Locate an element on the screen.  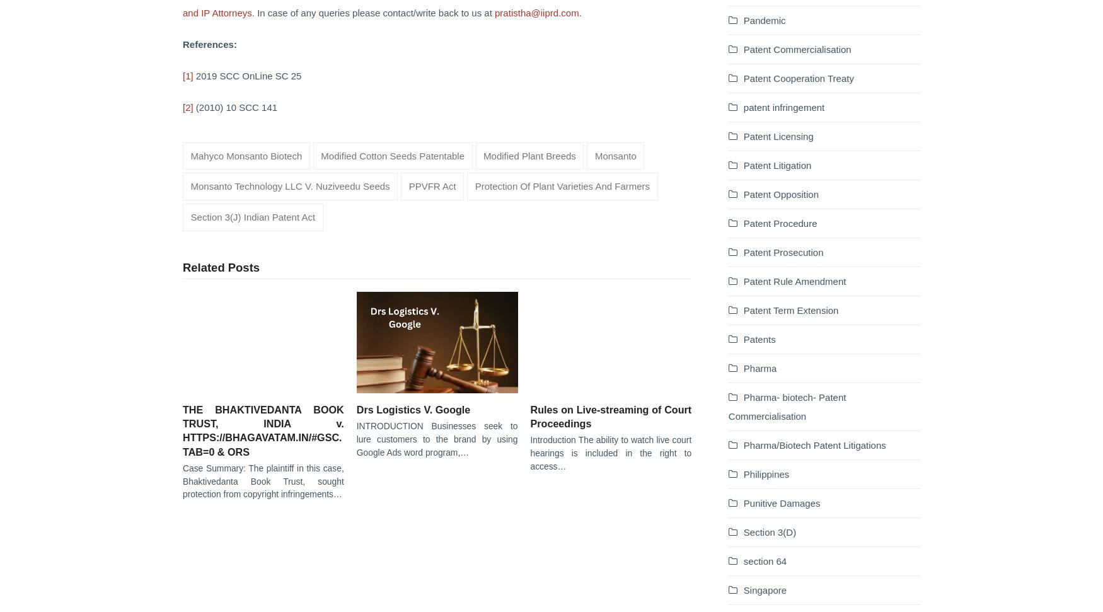
'.' is located at coordinates (579, 12).